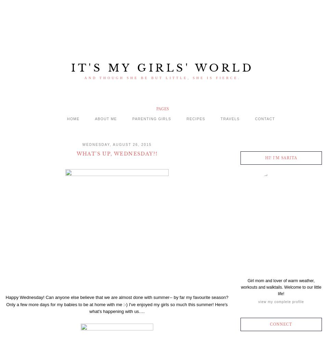  I want to click on 'Travels', so click(230, 118).